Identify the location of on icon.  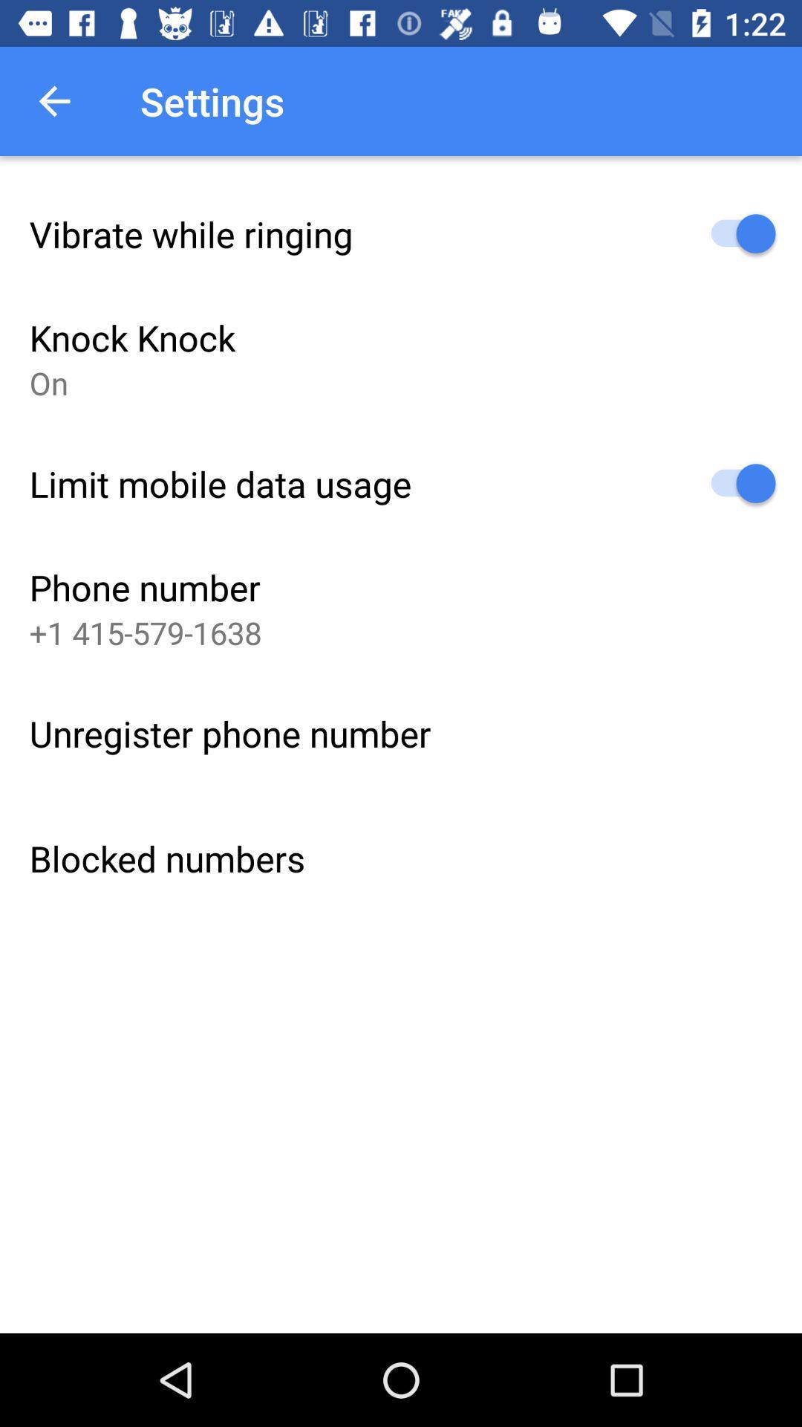
(48, 383).